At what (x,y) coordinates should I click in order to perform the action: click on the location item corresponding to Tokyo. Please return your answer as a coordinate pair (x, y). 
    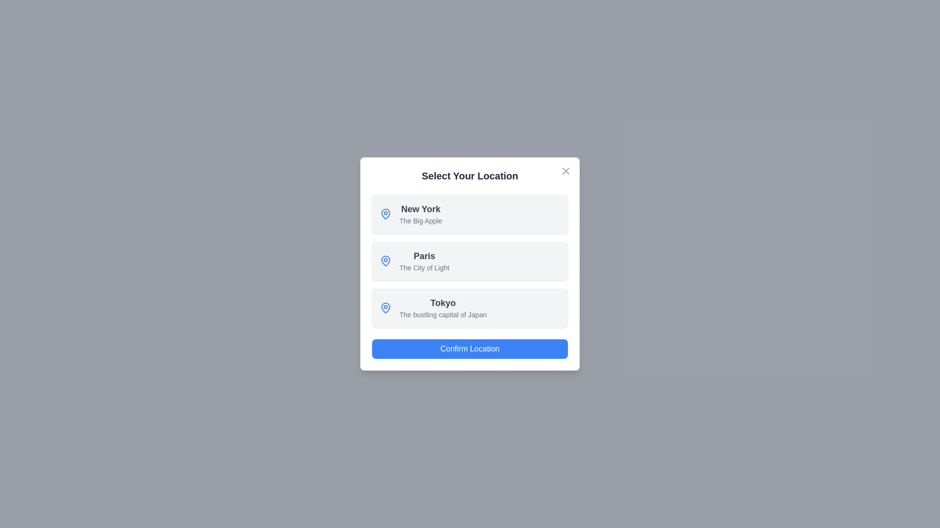
    Looking at the image, I should click on (470, 307).